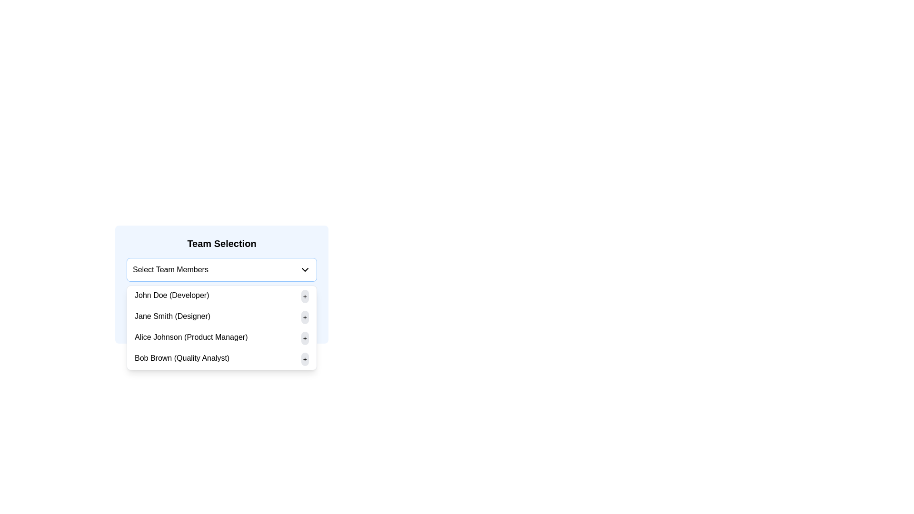  What do you see at coordinates (182, 359) in the screenshot?
I see `the text label identifying 'Bob Brown', the Quality Analyst, in the Team Selection dialog, which is the fourth option in the menu` at bounding box center [182, 359].